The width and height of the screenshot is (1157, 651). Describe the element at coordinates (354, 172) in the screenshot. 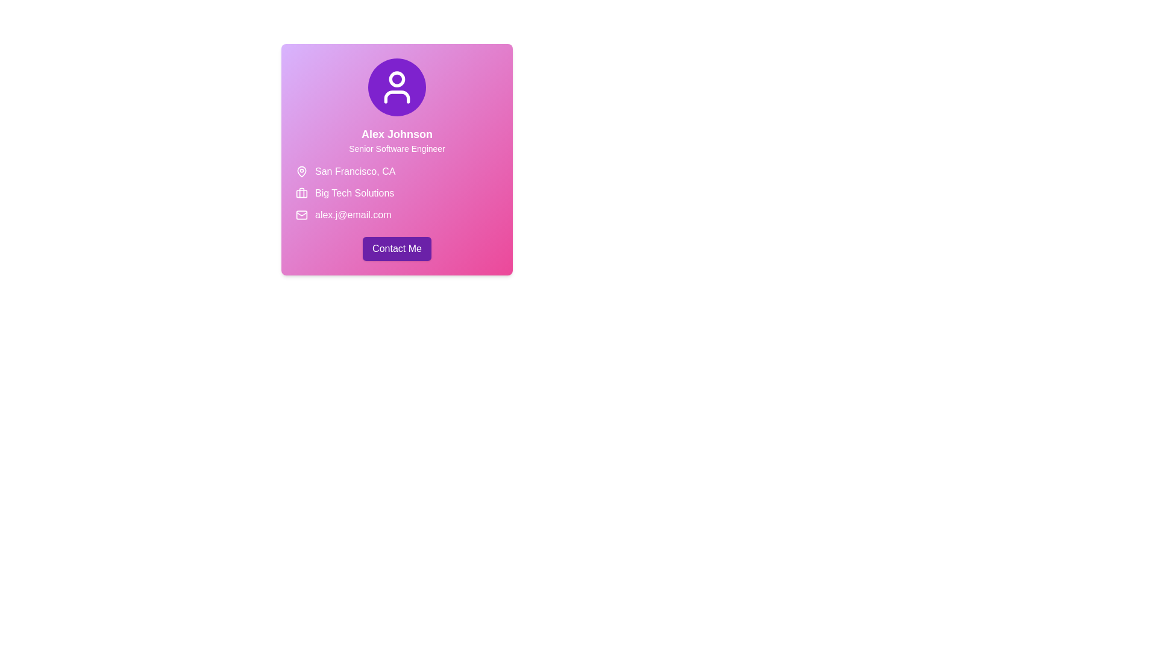

I see `the text label displaying 'San Francisco, CA', which is adjacent to a pin icon indicating a geographical location` at that location.